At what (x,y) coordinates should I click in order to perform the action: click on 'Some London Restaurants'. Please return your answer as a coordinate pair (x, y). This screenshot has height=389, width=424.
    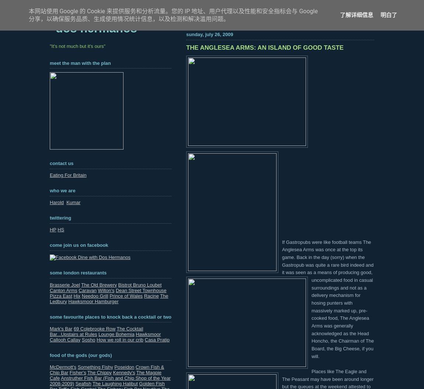
    Looking at the image, I should click on (77, 272).